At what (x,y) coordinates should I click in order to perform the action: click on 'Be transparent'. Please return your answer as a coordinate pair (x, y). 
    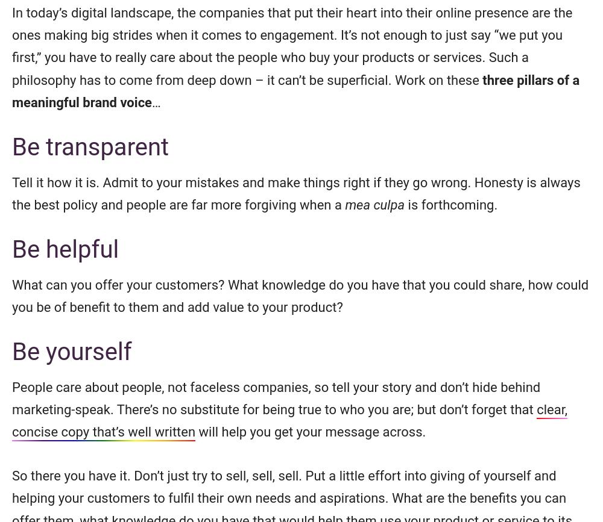
    Looking at the image, I should click on (12, 146).